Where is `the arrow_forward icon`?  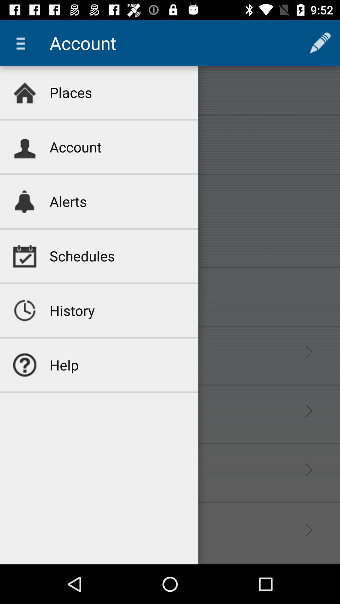 the arrow_forward icon is located at coordinates (309, 470).